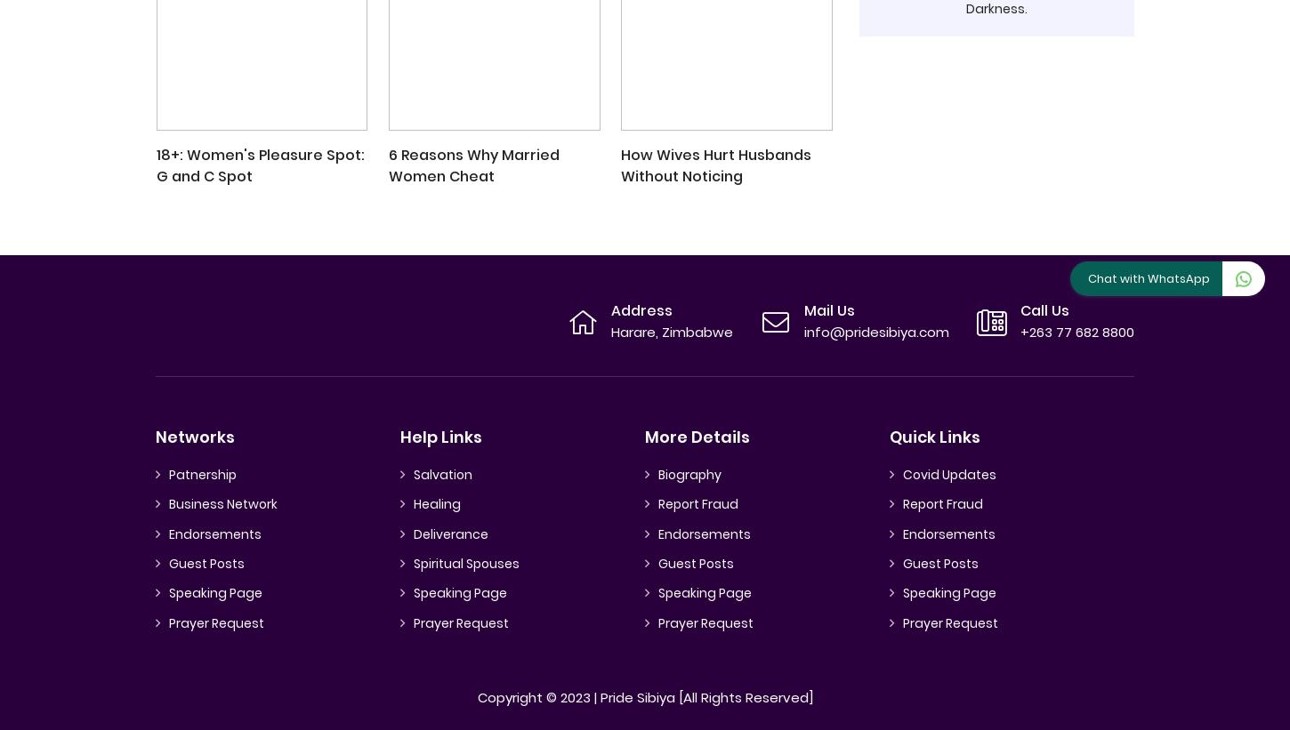 The image size is (1290, 730). What do you see at coordinates (466, 562) in the screenshot?
I see `'Spiritual Spouses'` at bounding box center [466, 562].